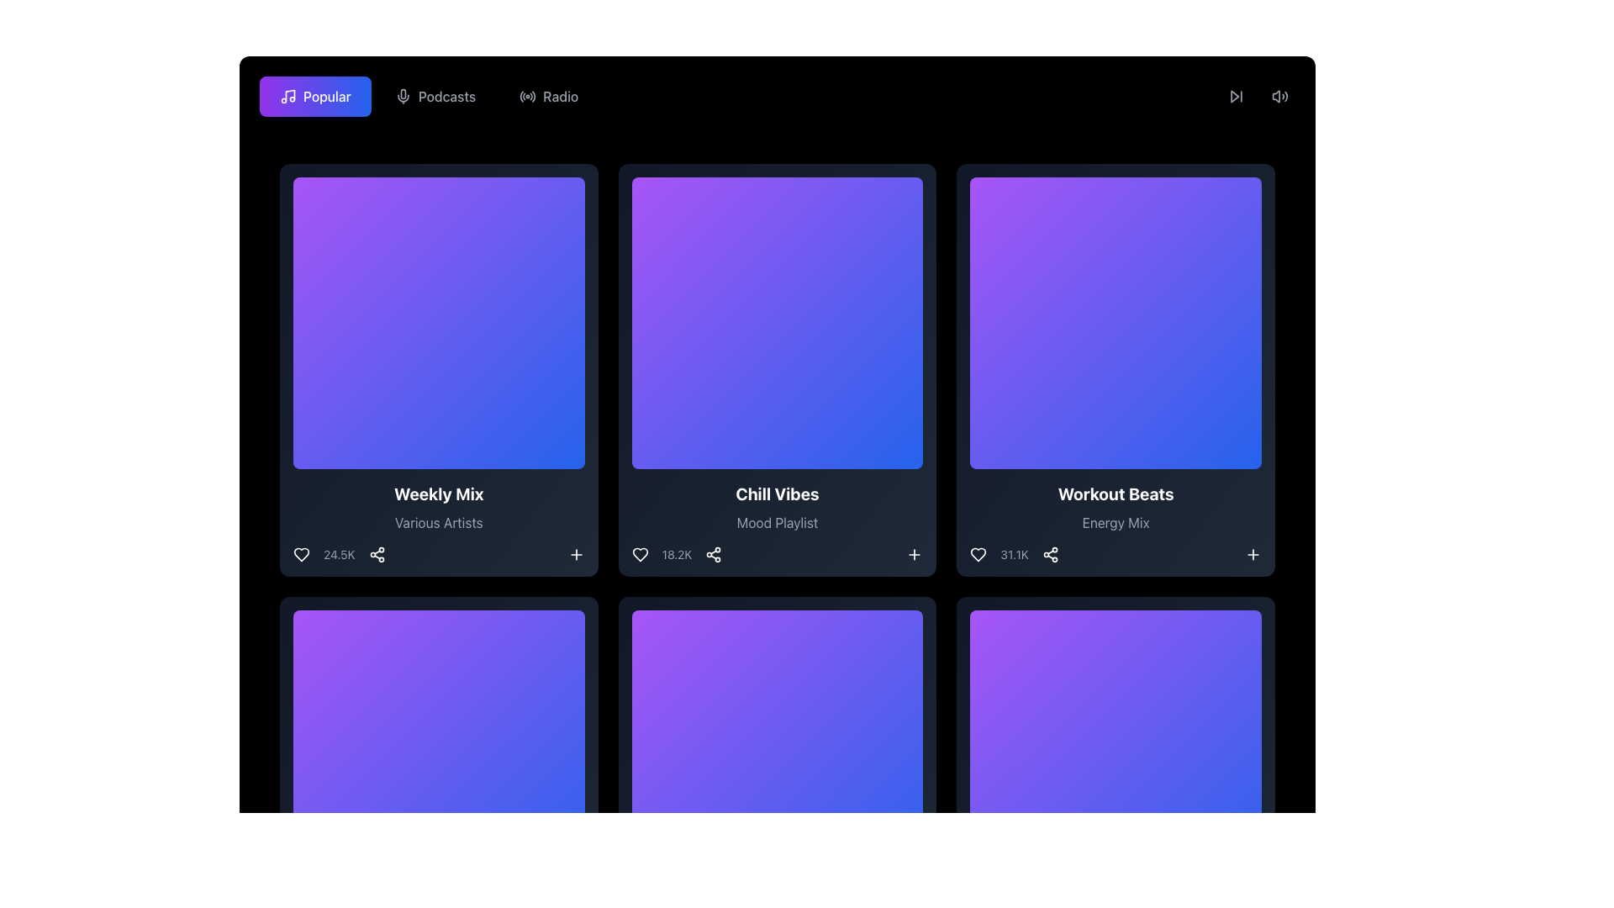  What do you see at coordinates (548, 97) in the screenshot?
I see `the navigation button located in the top navigation bar, specifically the third item that leads to the Radio section` at bounding box center [548, 97].